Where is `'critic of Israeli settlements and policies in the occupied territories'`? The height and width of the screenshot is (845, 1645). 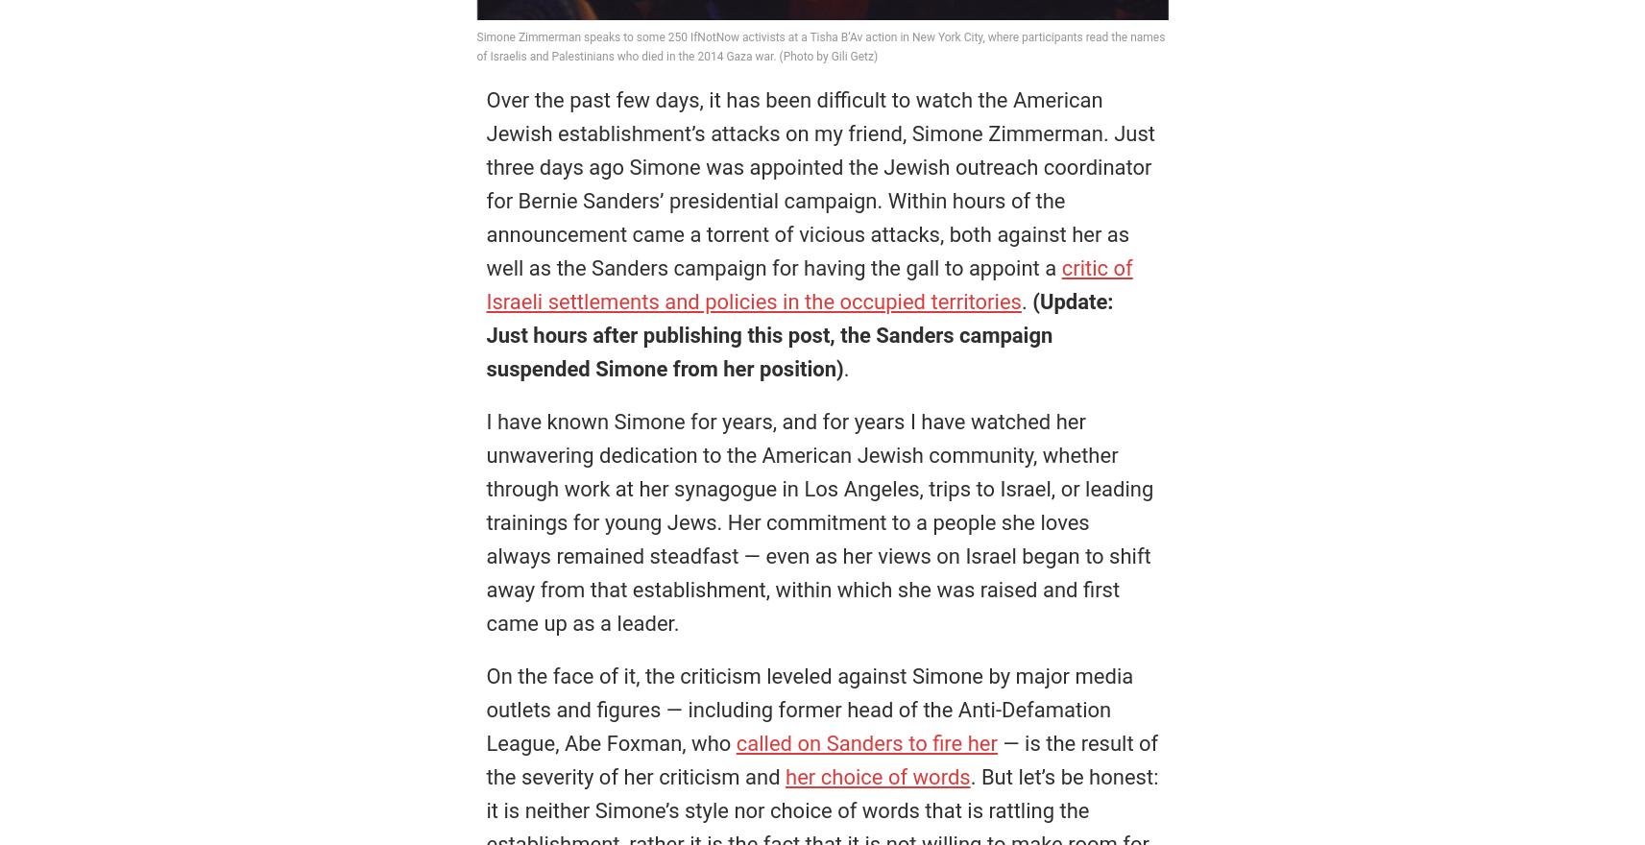
'critic of Israeli settlements and policies in the occupied territories' is located at coordinates (808, 284).